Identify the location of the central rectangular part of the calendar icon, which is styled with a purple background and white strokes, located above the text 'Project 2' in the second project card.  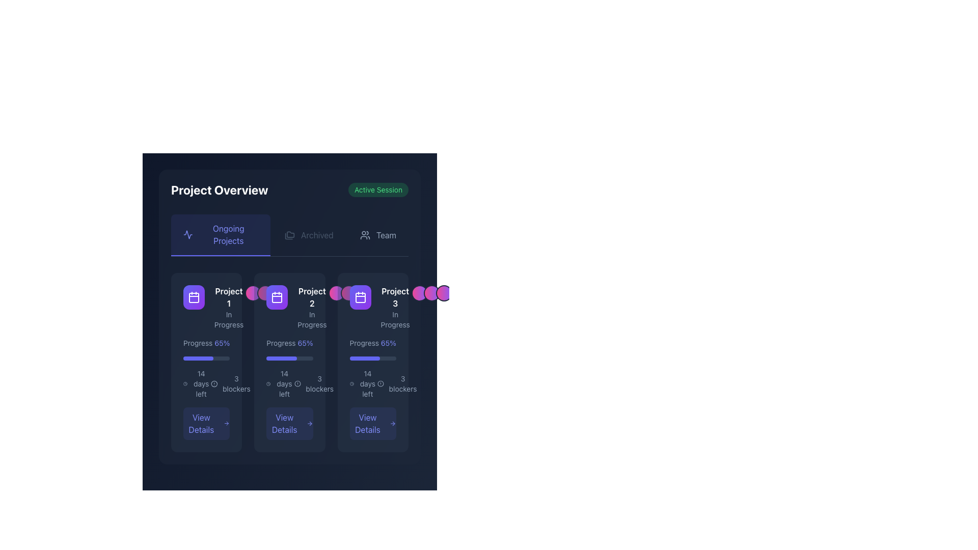
(277, 298).